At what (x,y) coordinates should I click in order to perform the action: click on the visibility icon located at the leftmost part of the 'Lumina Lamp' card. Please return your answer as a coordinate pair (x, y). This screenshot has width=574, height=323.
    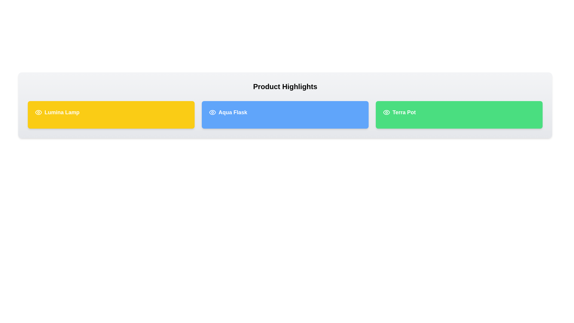
    Looking at the image, I should click on (38, 112).